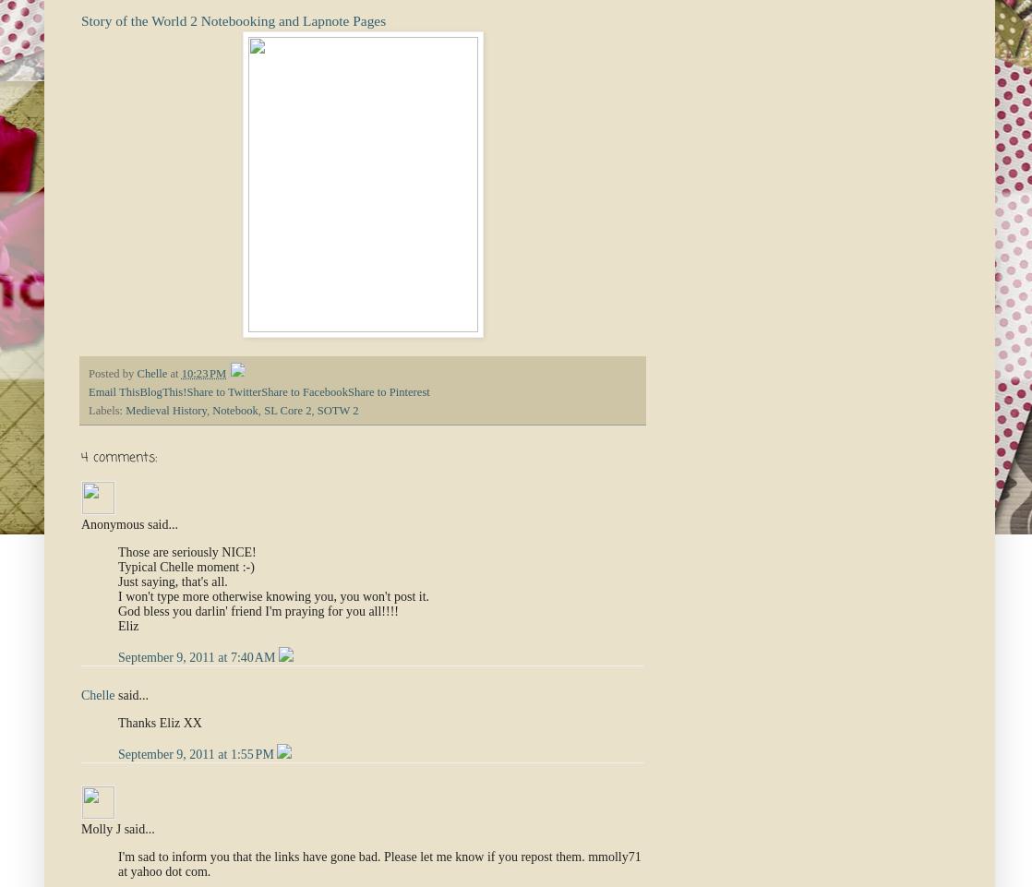 The width and height of the screenshot is (1032, 887). I want to click on 'Eliz', so click(127, 625).